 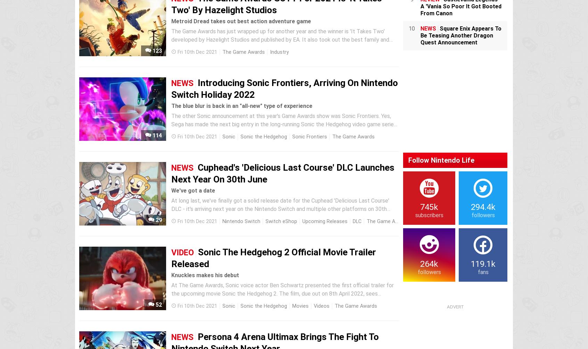 I want to click on '294.4k', so click(x=483, y=206).